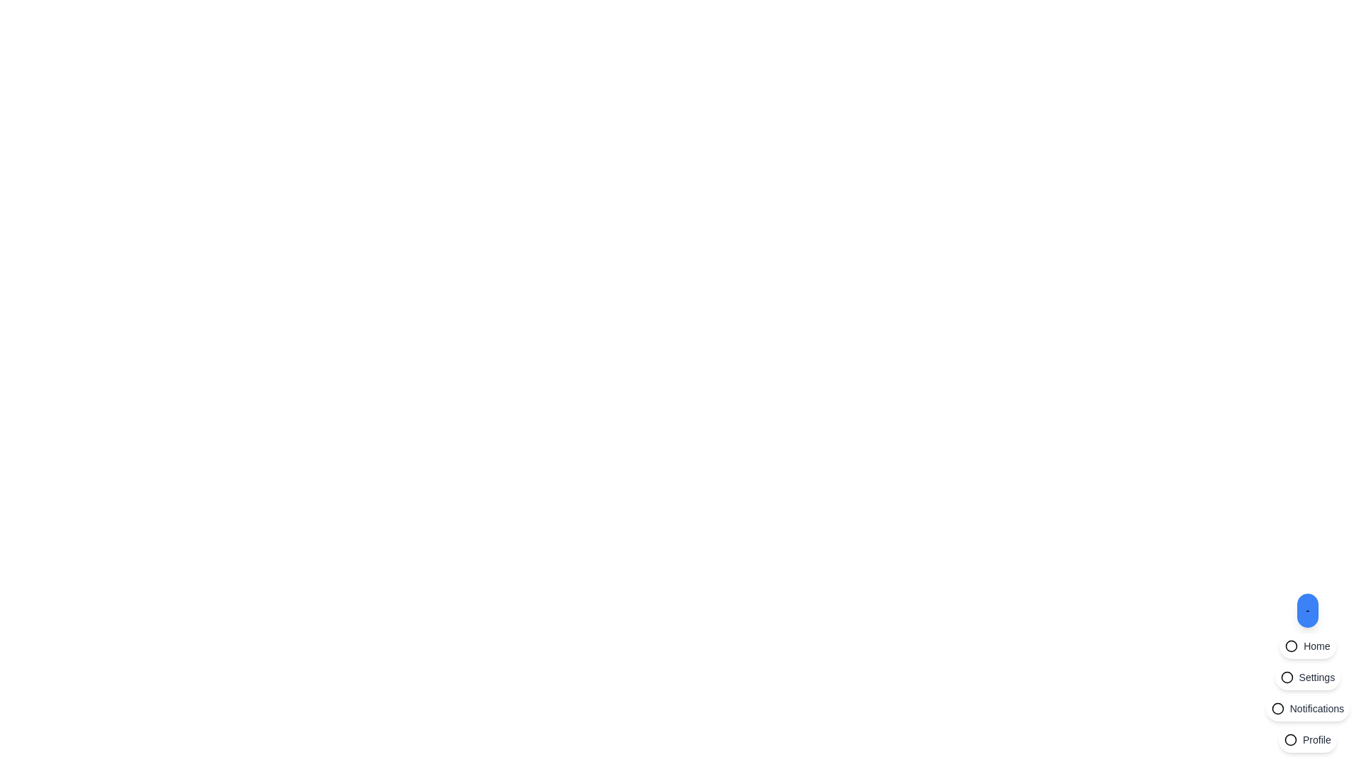 This screenshot has width=1364, height=767. Describe the element at coordinates (1307, 709) in the screenshot. I see `the button located at the third position in a vertical stack of buttons at the bottom-right corner of the interface` at that location.